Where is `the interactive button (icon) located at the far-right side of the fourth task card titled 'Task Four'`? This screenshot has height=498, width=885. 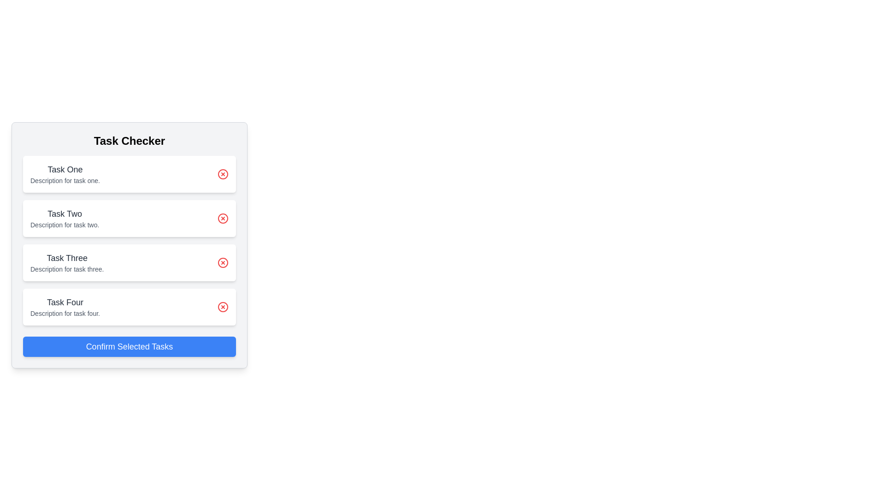
the interactive button (icon) located at the far-right side of the fourth task card titled 'Task Four' is located at coordinates (223, 307).